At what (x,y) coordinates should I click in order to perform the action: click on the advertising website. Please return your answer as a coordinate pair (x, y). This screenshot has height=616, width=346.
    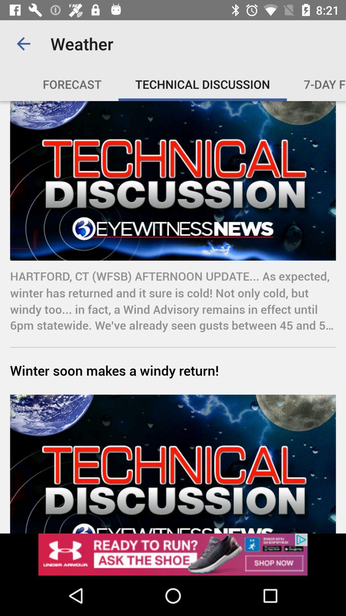
    Looking at the image, I should click on (173, 554).